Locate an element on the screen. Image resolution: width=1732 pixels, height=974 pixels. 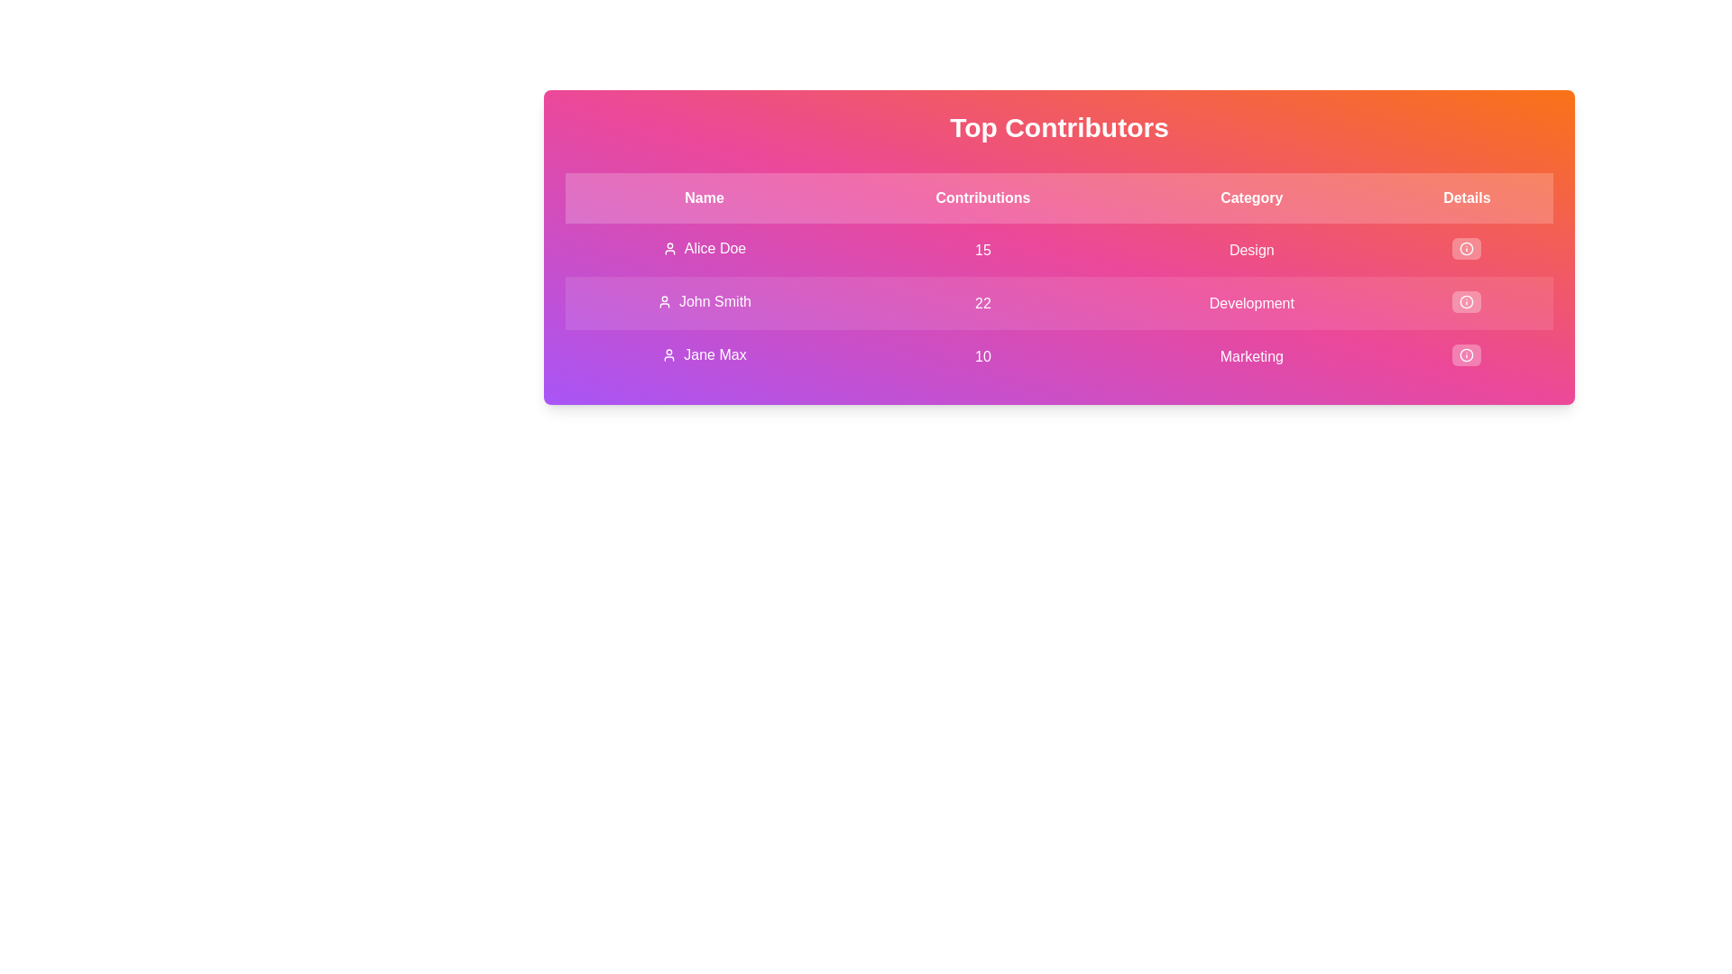
the text element displaying 'Alice Doe' with a user icon, located in the first row of the table in the 'Name' column is located at coordinates (704, 249).